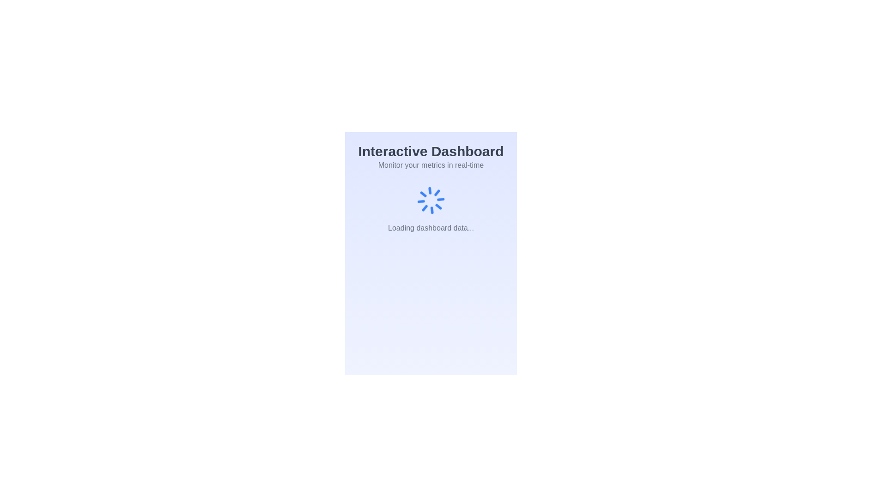 Image resolution: width=887 pixels, height=499 pixels. Describe the element at coordinates (427, 209) in the screenshot. I see `the second line segment of the circular spinning animation located at the center of the loading interface` at that location.